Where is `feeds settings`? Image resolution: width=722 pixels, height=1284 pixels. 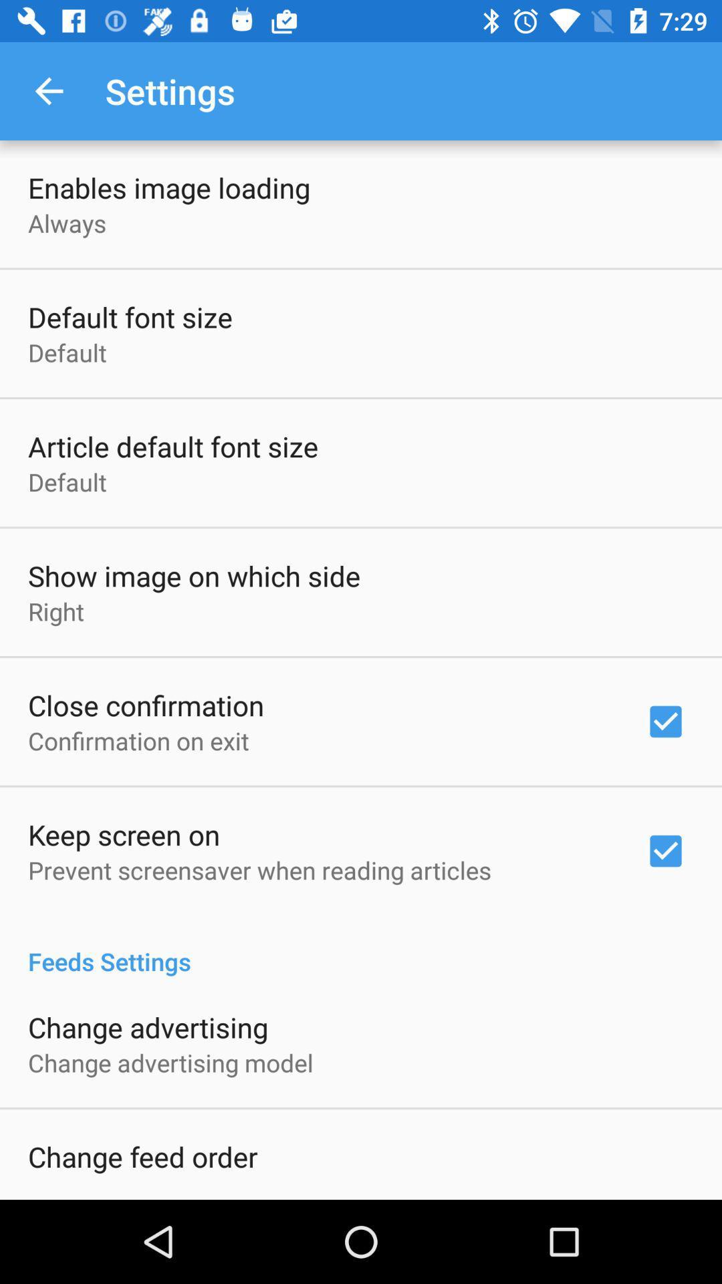 feeds settings is located at coordinates (361, 946).